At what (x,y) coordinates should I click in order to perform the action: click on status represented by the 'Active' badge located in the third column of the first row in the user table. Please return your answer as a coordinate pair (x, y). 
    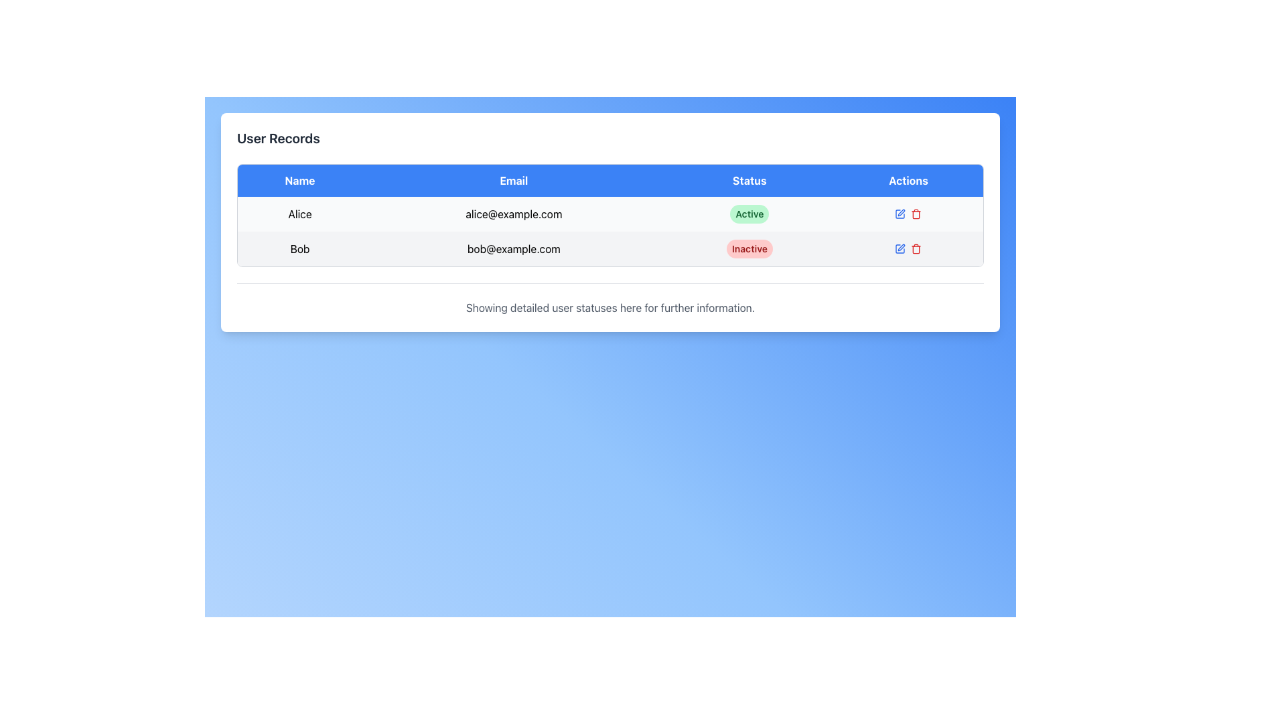
    Looking at the image, I should click on (749, 214).